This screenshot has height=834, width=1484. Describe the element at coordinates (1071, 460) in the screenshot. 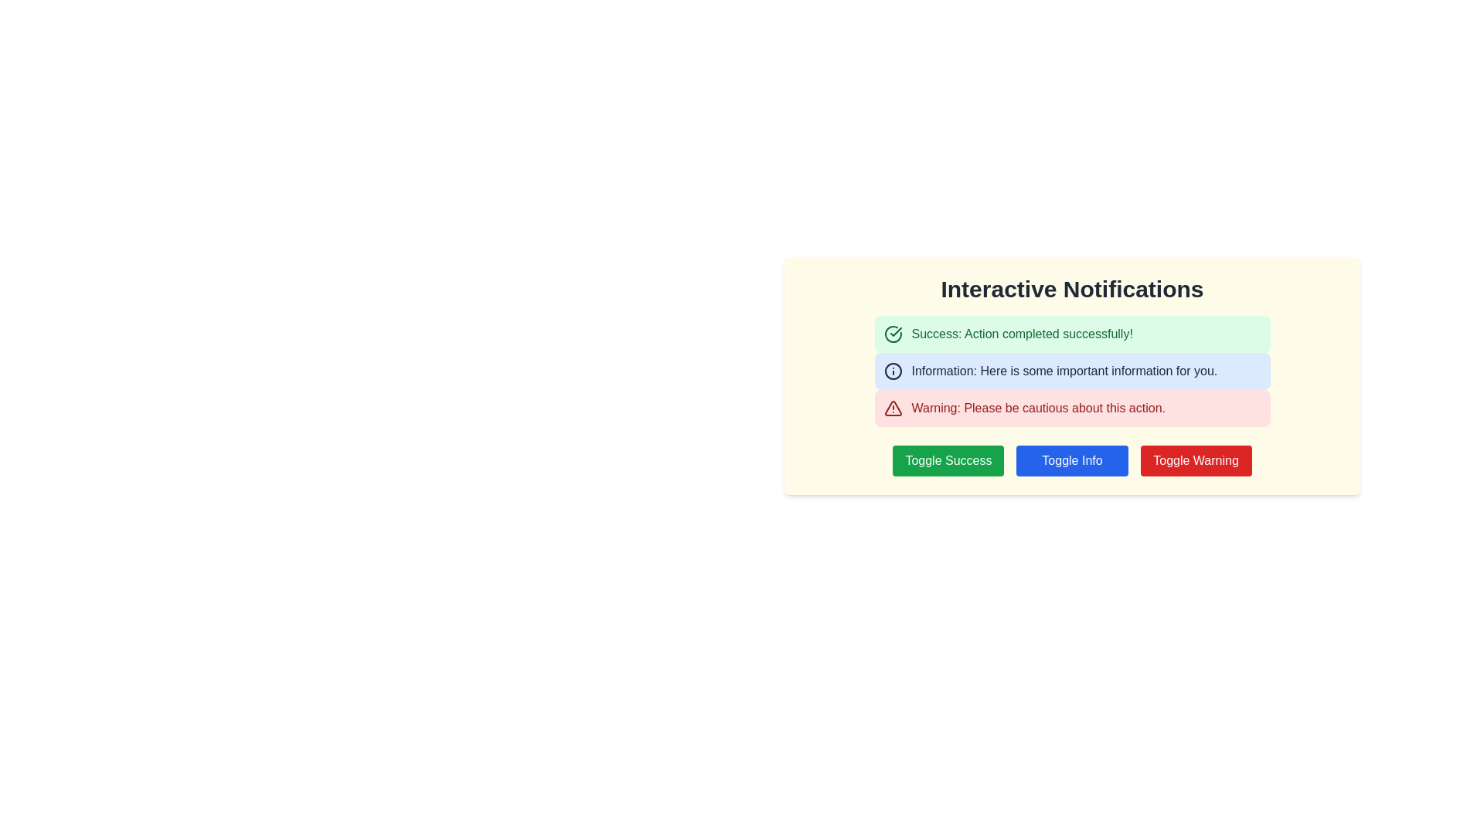

I see `the central 'Info' button located within the notification panel` at that location.